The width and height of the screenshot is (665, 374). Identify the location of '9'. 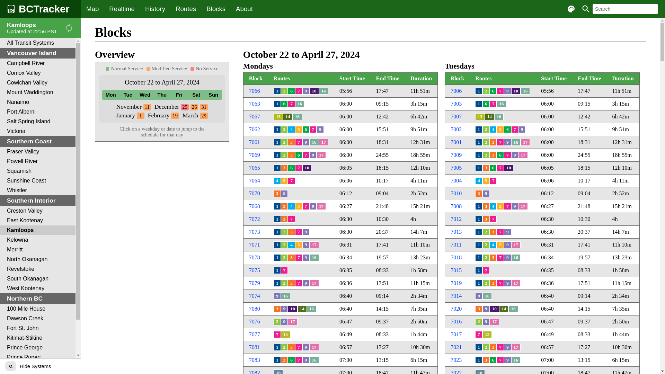
(507, 360).